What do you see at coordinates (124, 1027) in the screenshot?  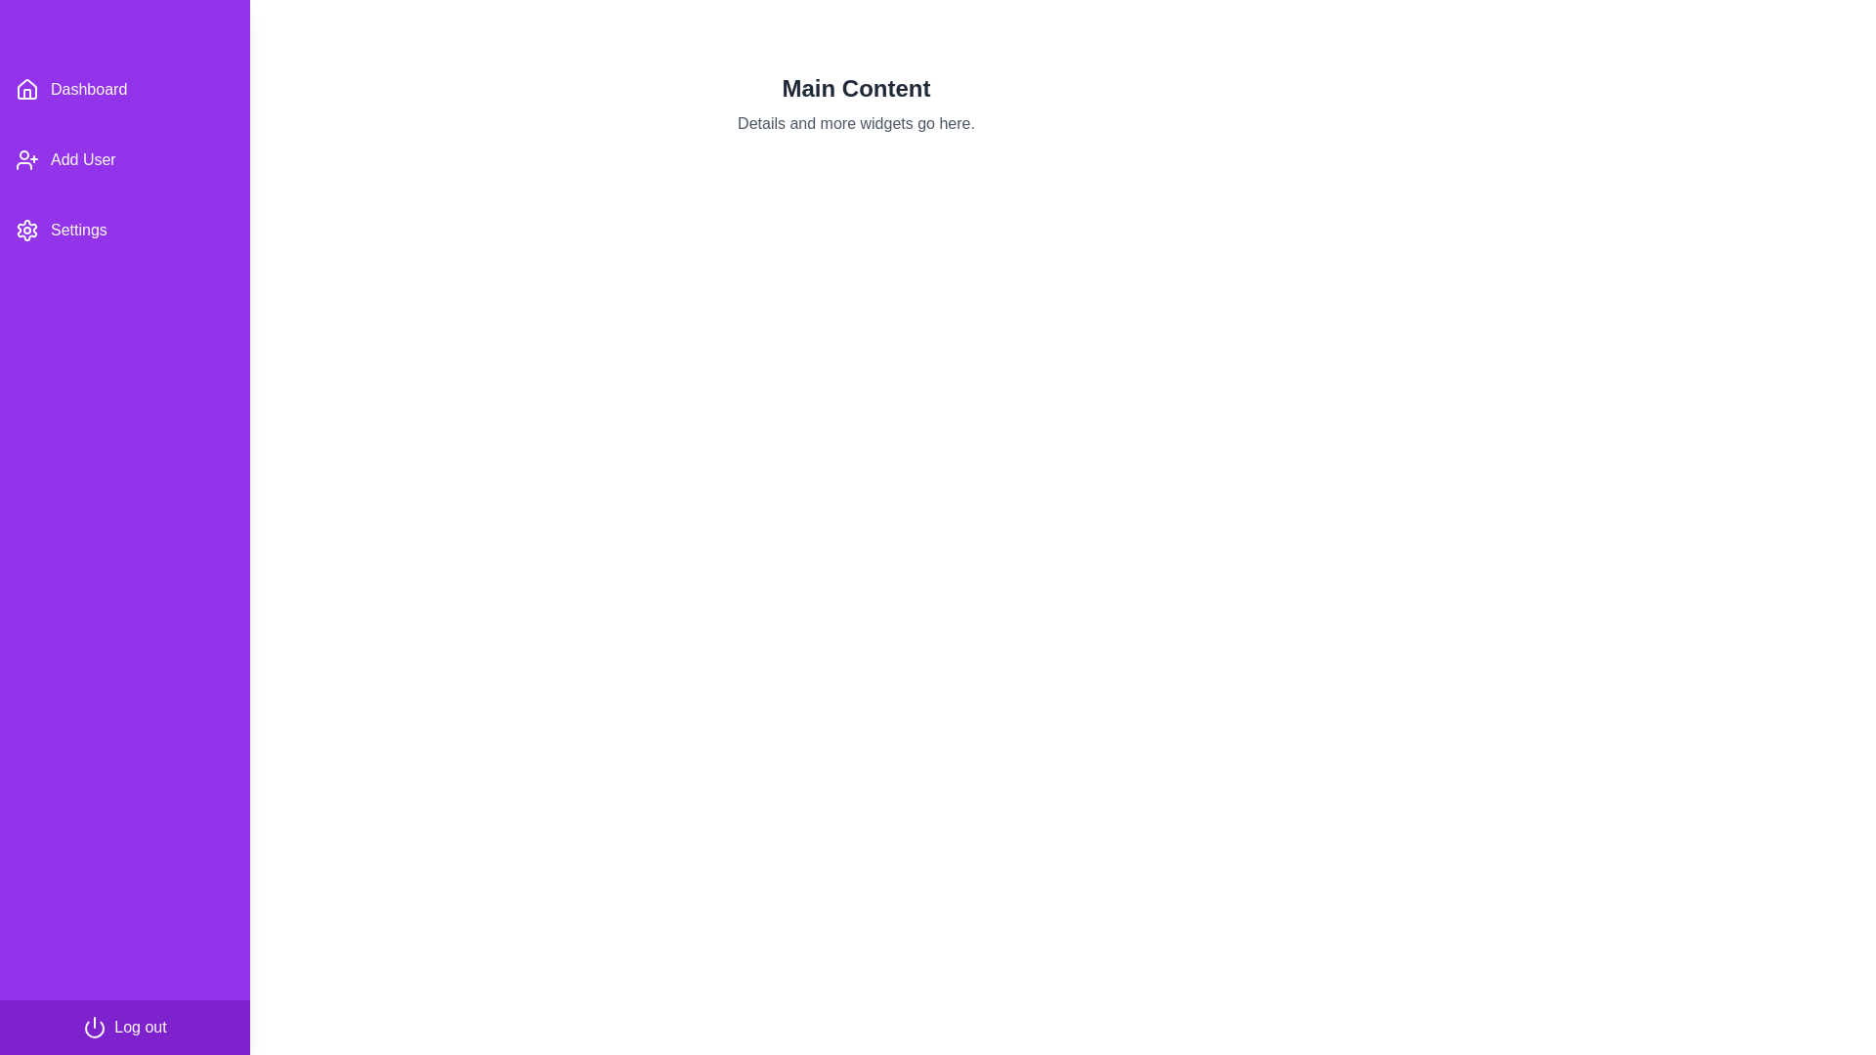 I see `the 'Log out' link in the footer of the drawer` at bounding box center [124, 1027].